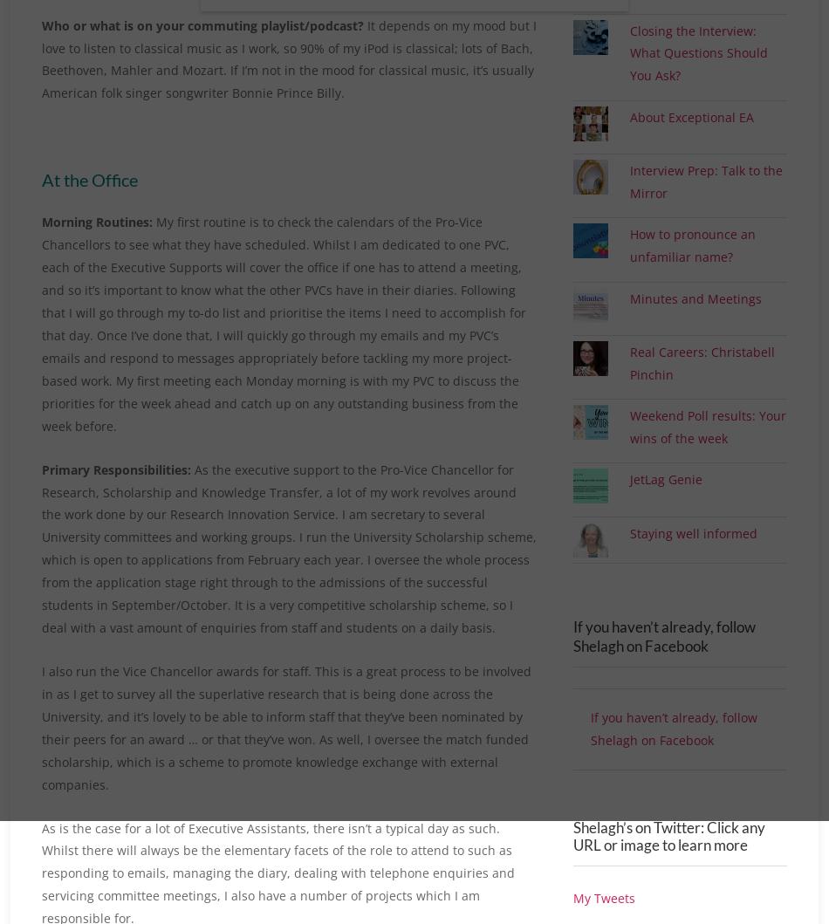 The height and width of the screenshot is (924, 829). What do you see at coordinates (118, 468) in the screenshot?
I see `'Primary Responsibilities:'` at bounding box center [118, 468].